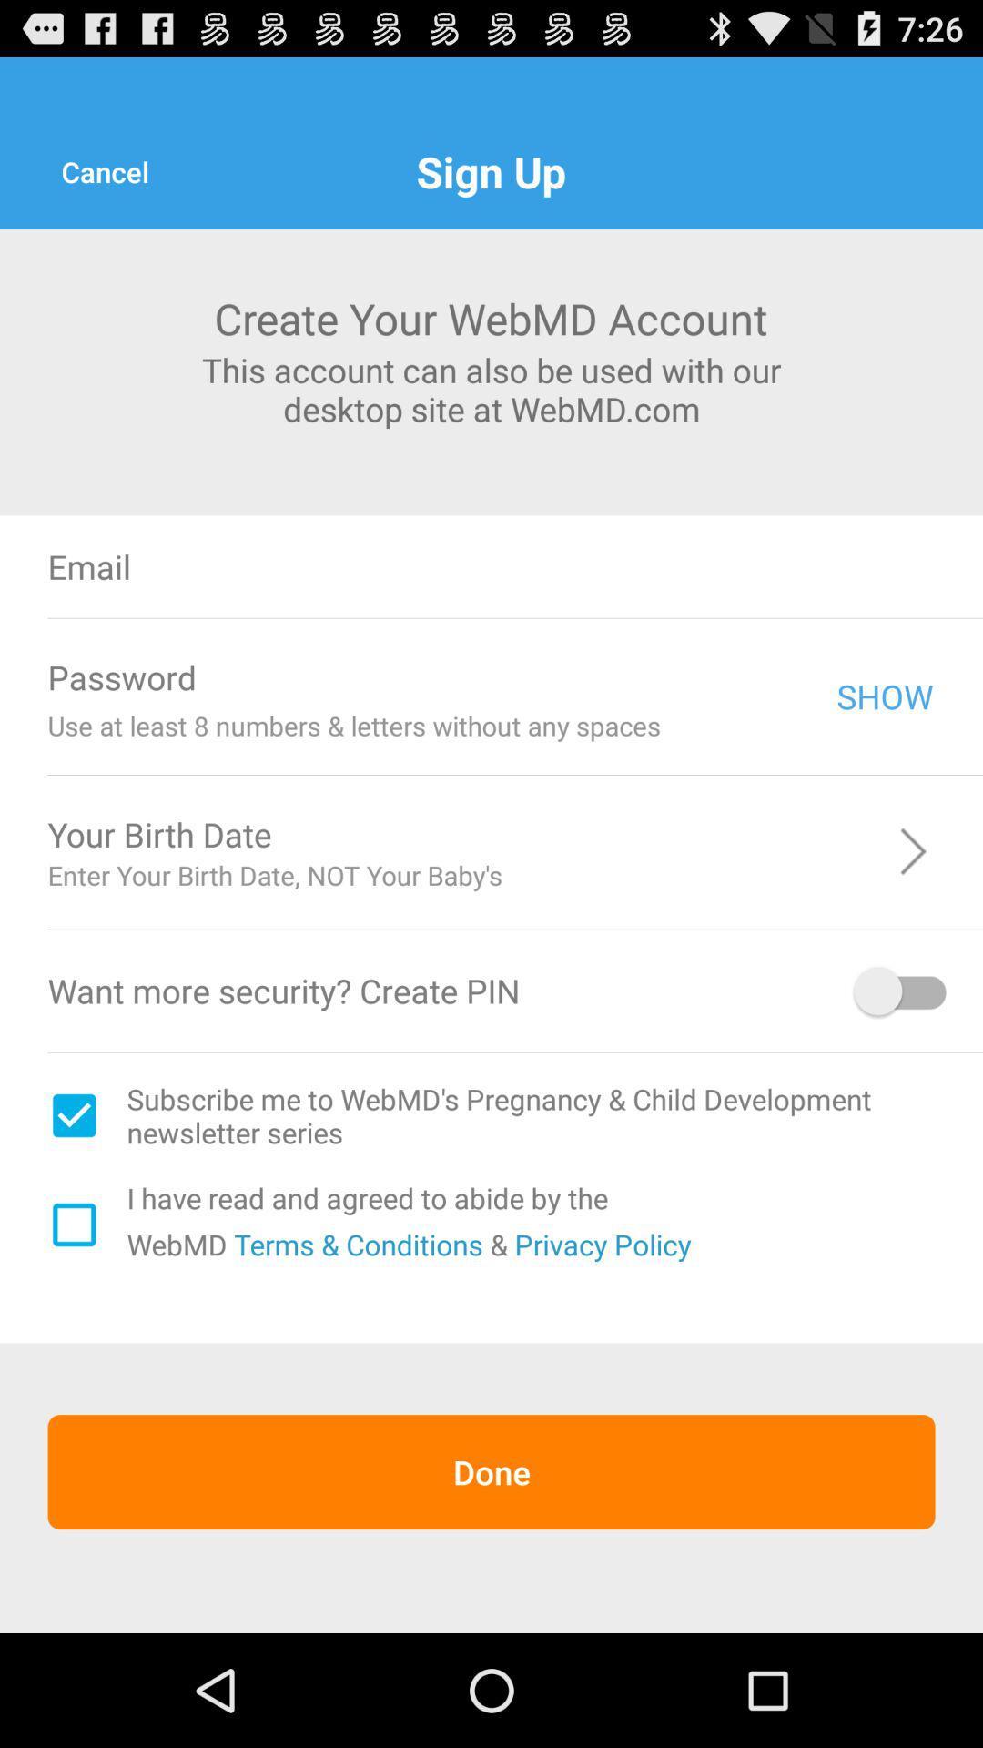 This screenshot has height=1748, width=983. What do you see at coordinates (902, 990) in the screenshot?
I see `security pin` at bounding box center [902, 990].